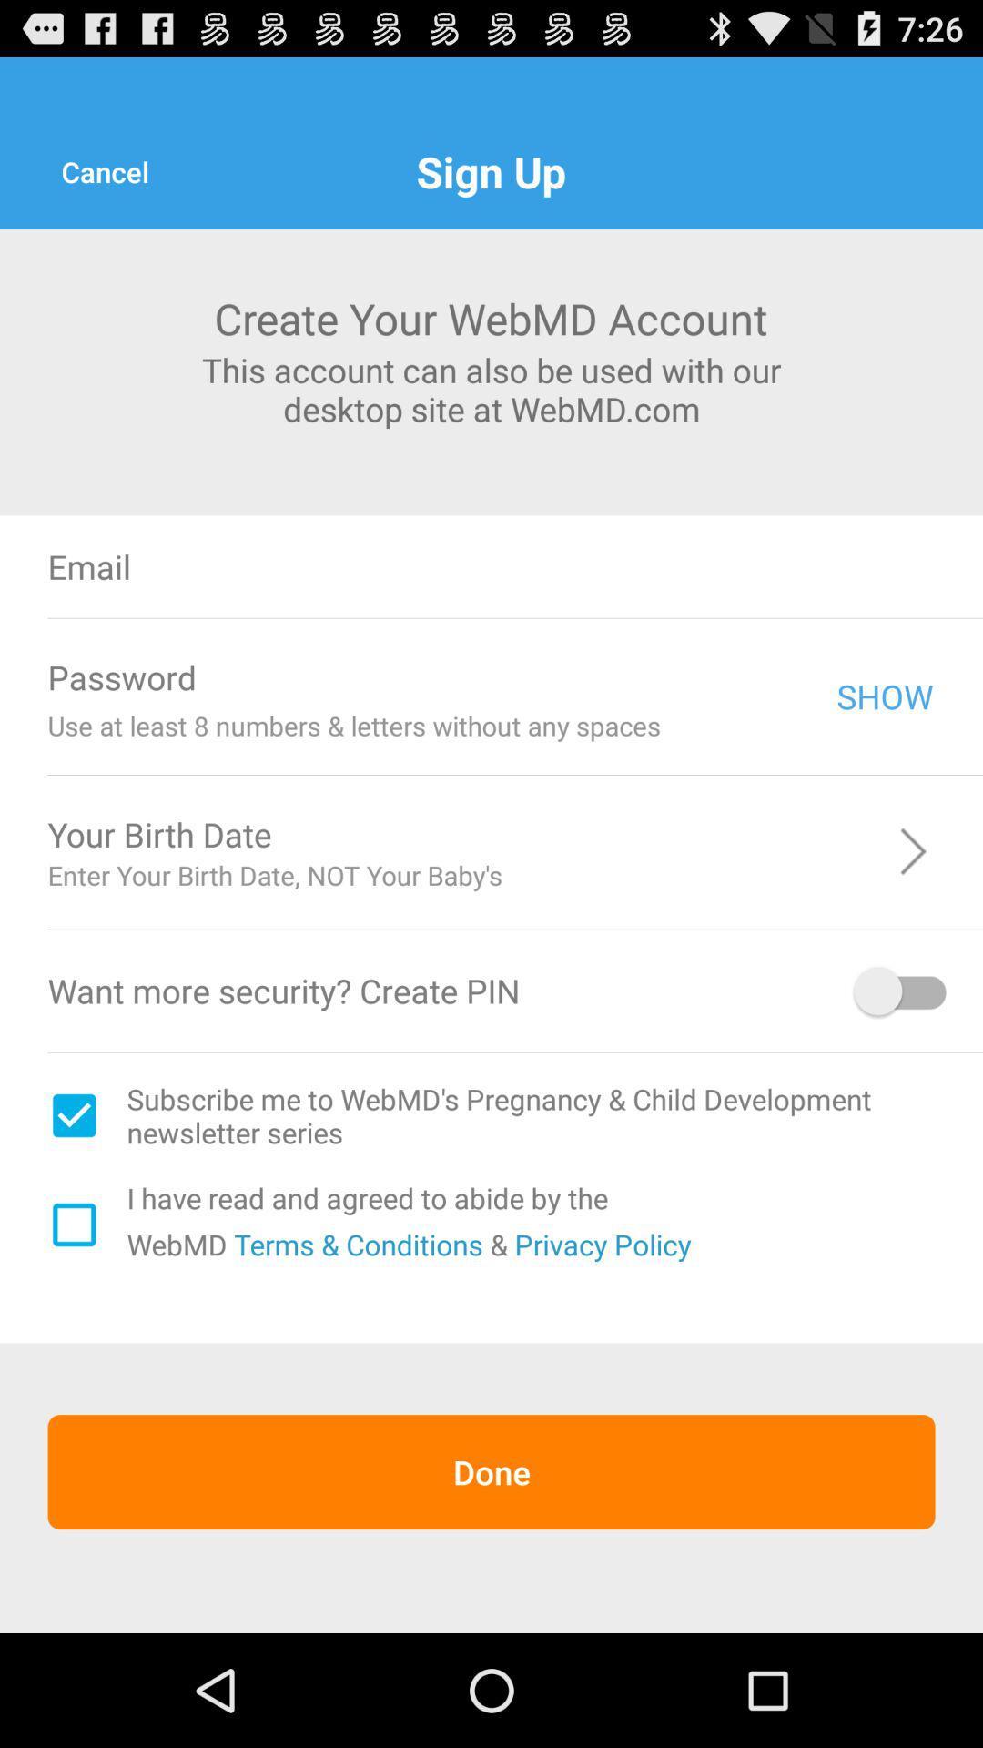 This screenshot has height=1748, width=983. What do you see at coordinates (902, 990) in the screenshot?
I see `security pin` at bounding box center [902, 990].